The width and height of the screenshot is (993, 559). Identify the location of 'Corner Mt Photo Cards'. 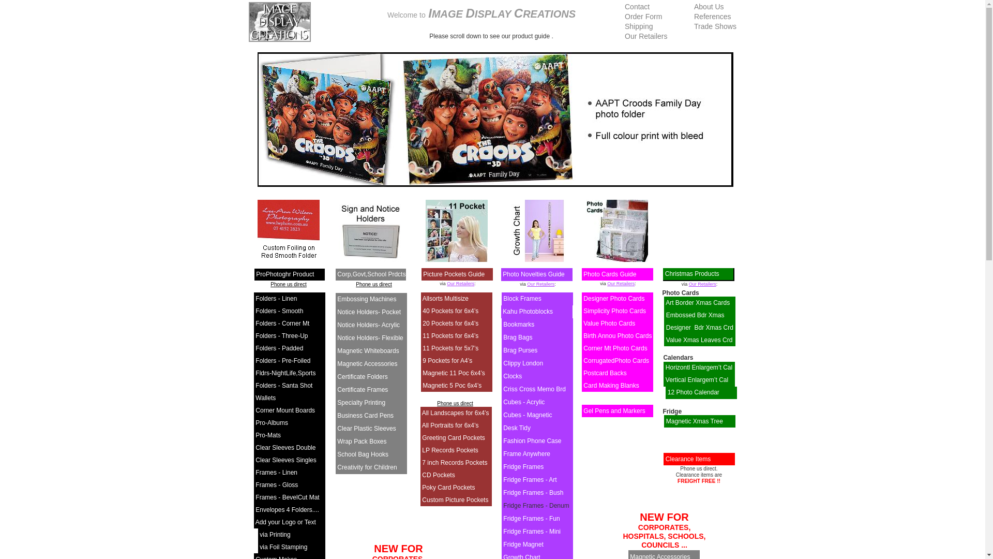
(615, 348).